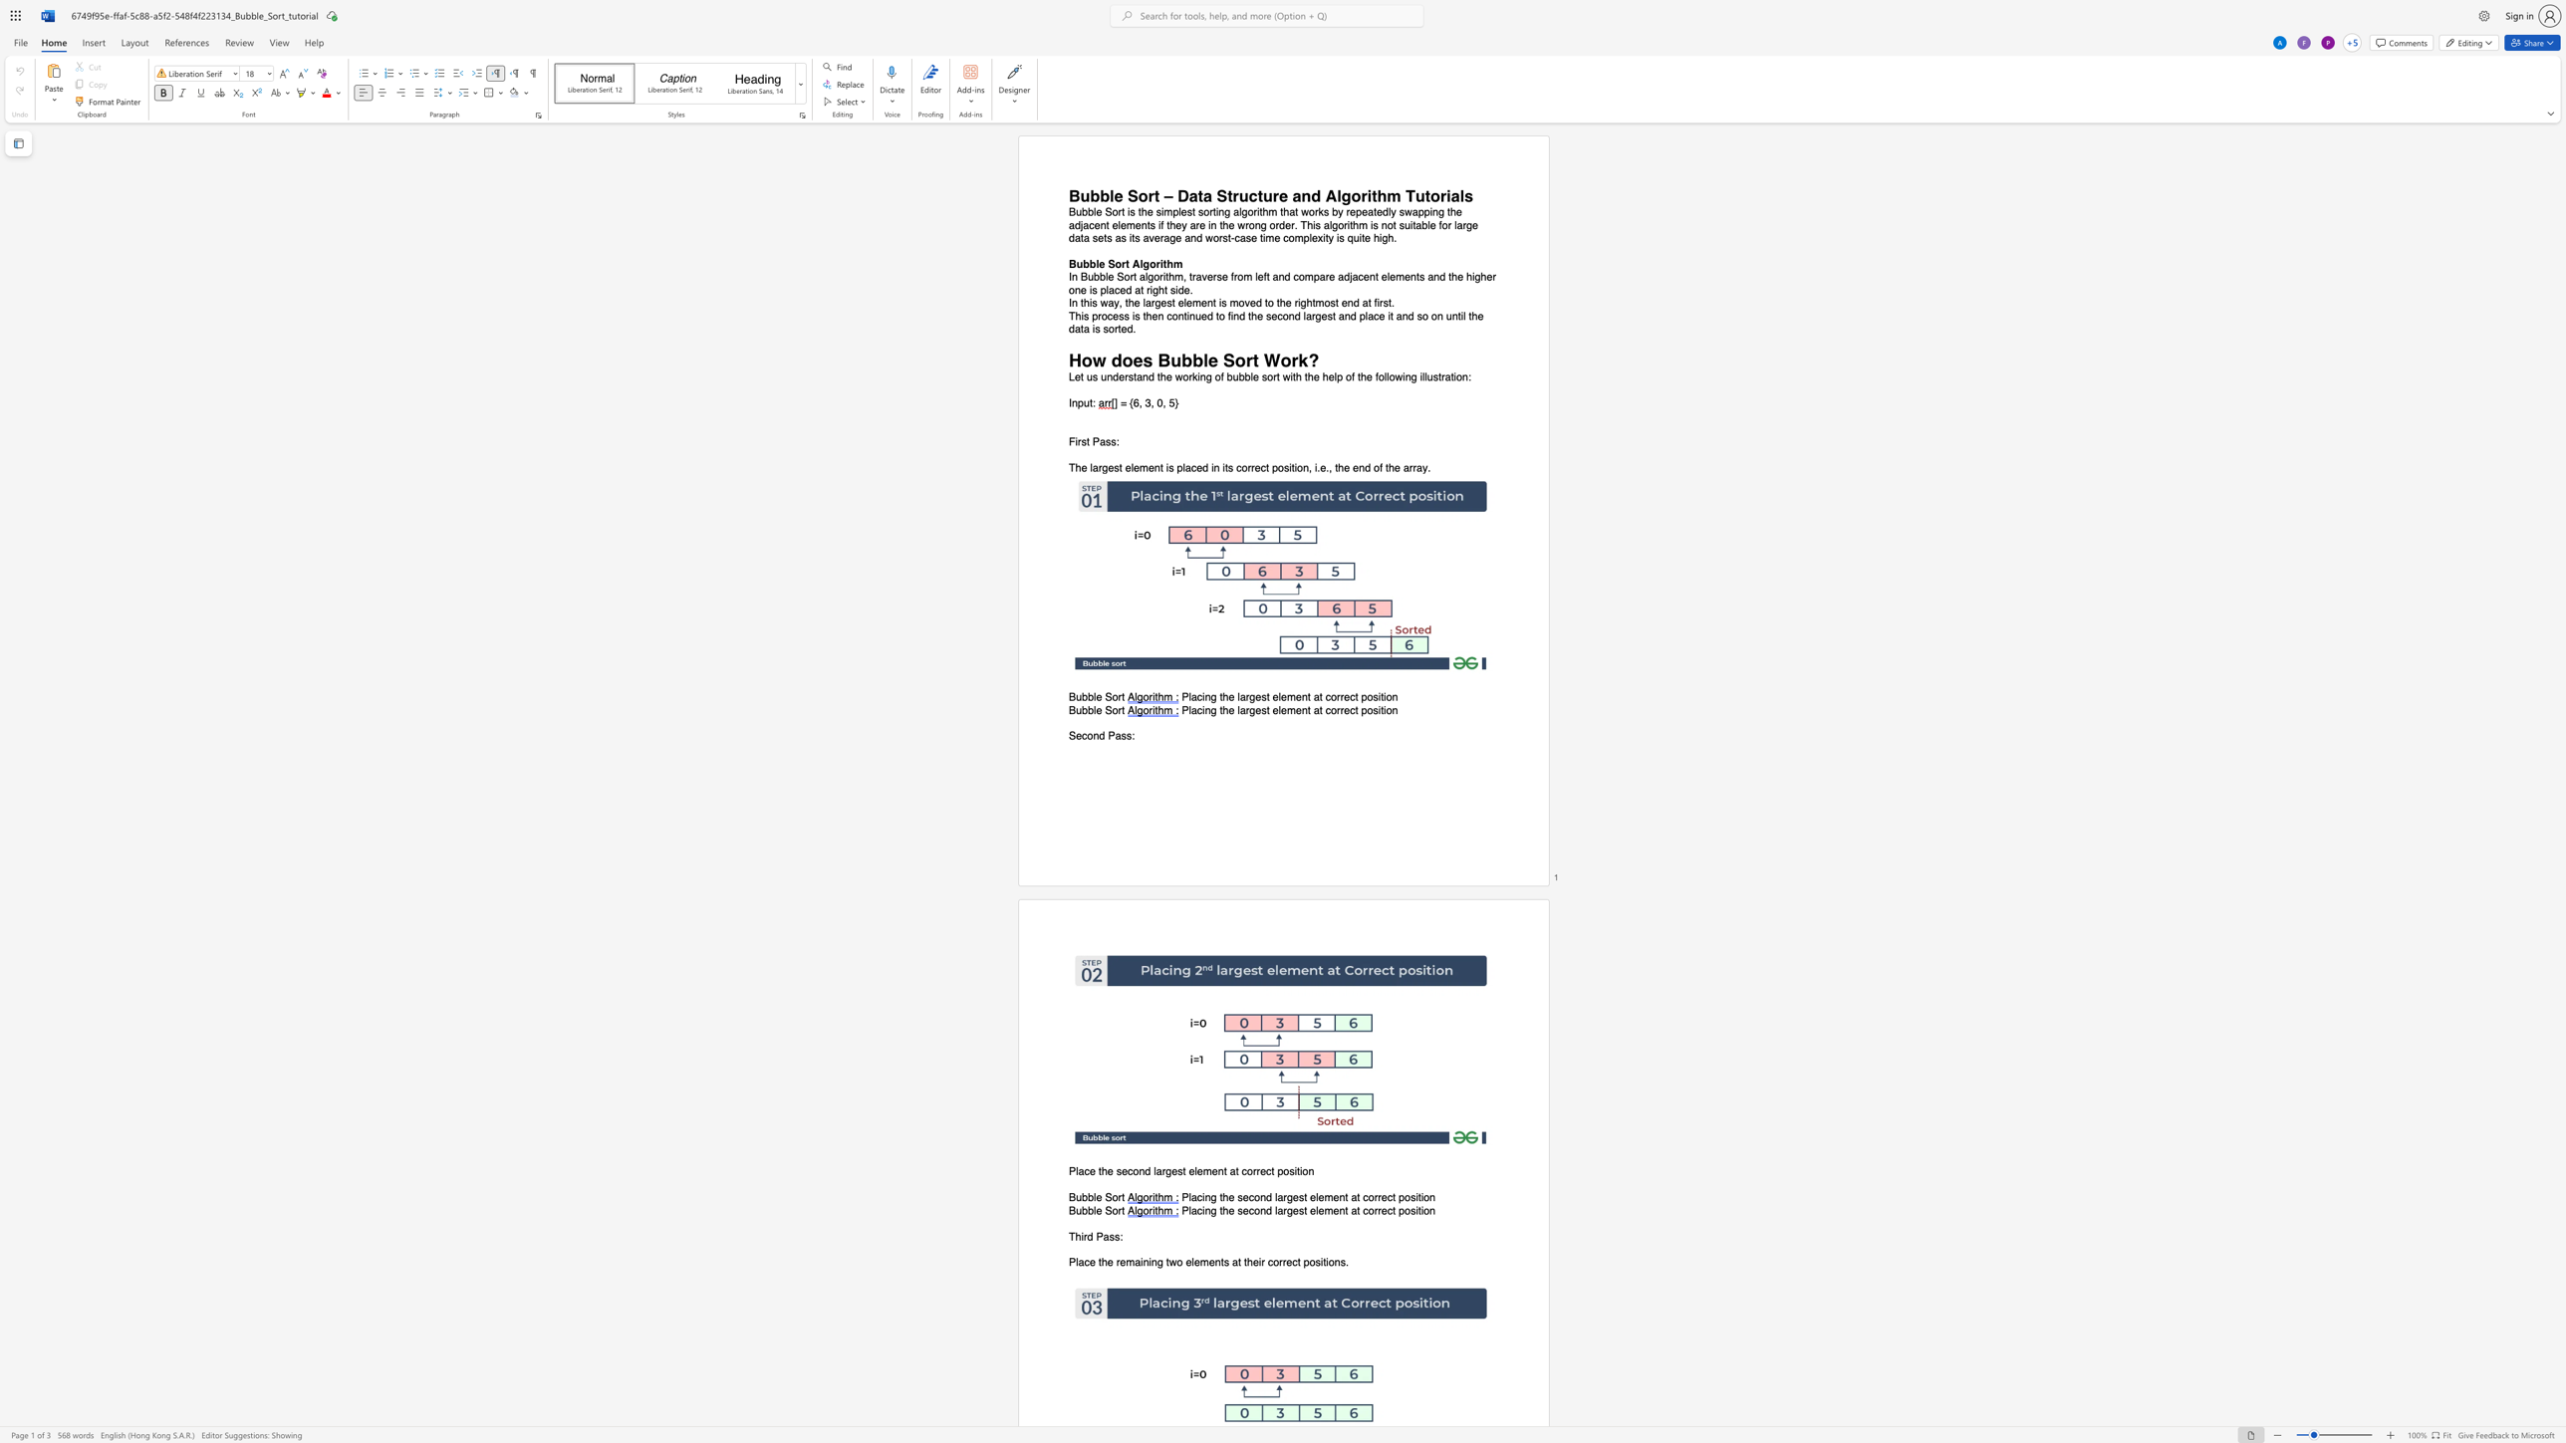 This screenshot has width=2566, height=1443. What do you see at coordinates (1368, 195) in the screenshot?
I see `the 1th character "i" in the text` at bounding box center [1368, 195].